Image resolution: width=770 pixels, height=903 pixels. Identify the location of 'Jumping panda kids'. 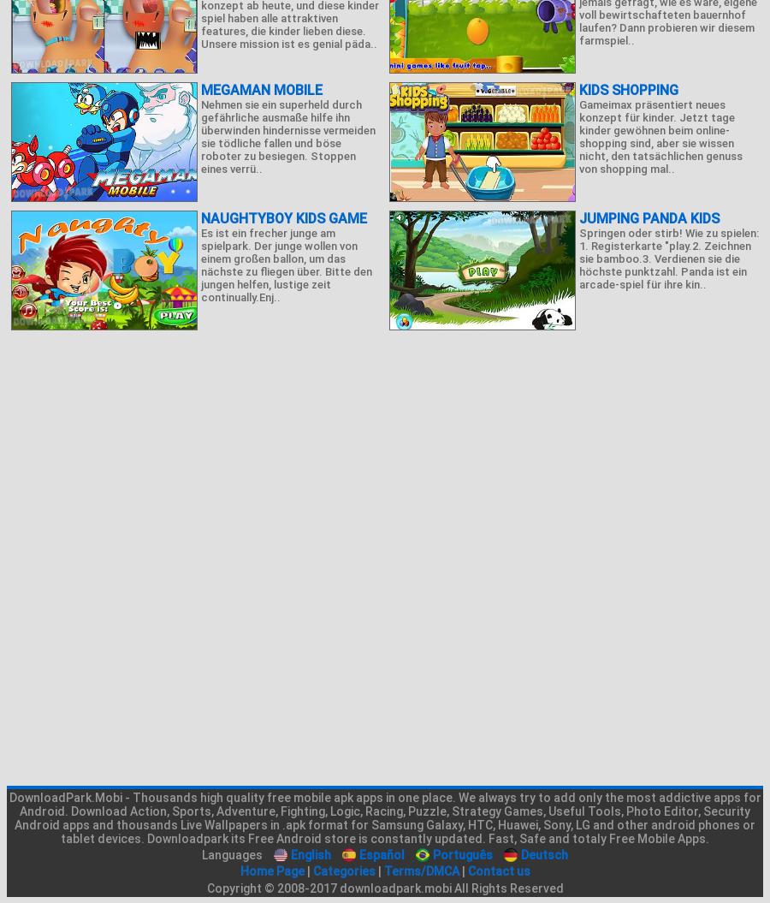
(648, 218).